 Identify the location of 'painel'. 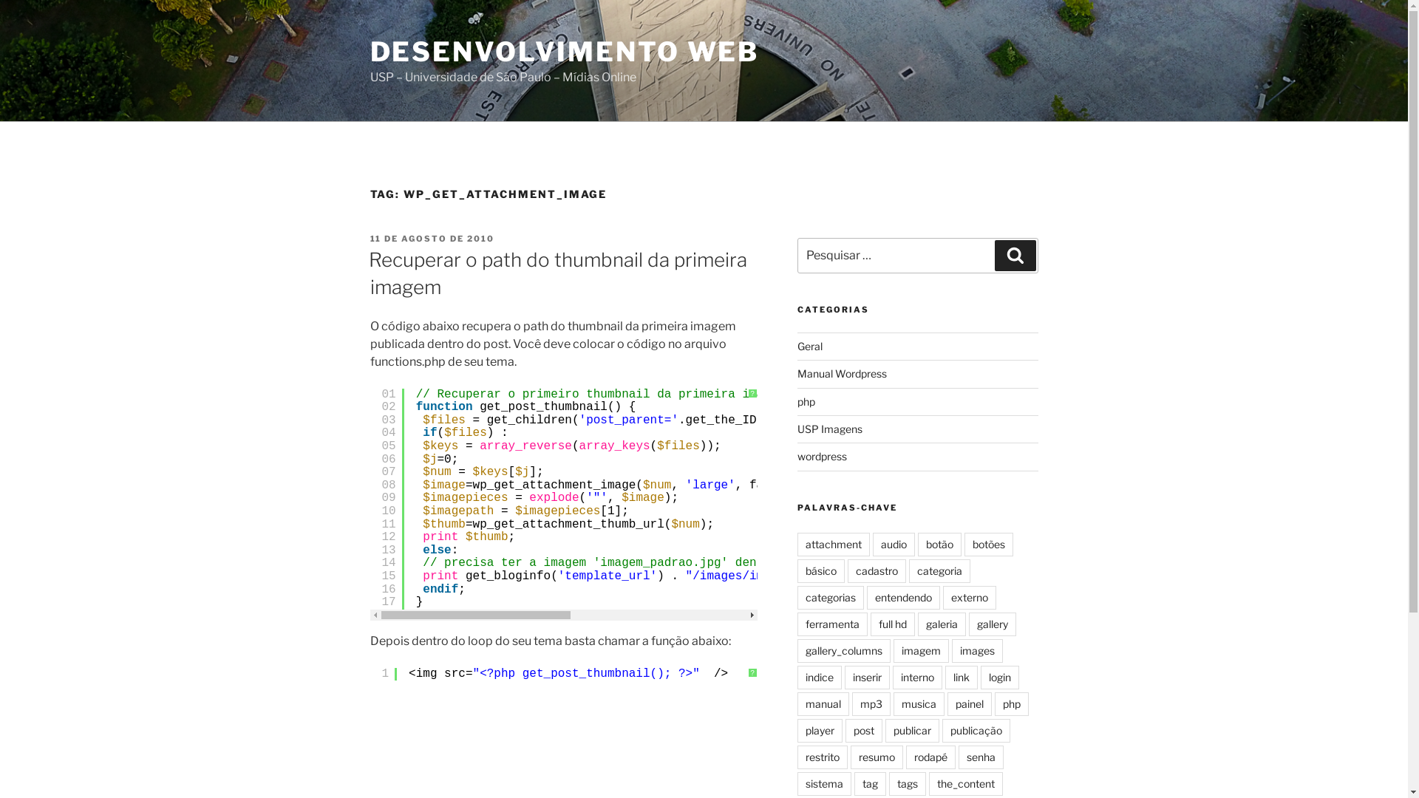
(947, 703).